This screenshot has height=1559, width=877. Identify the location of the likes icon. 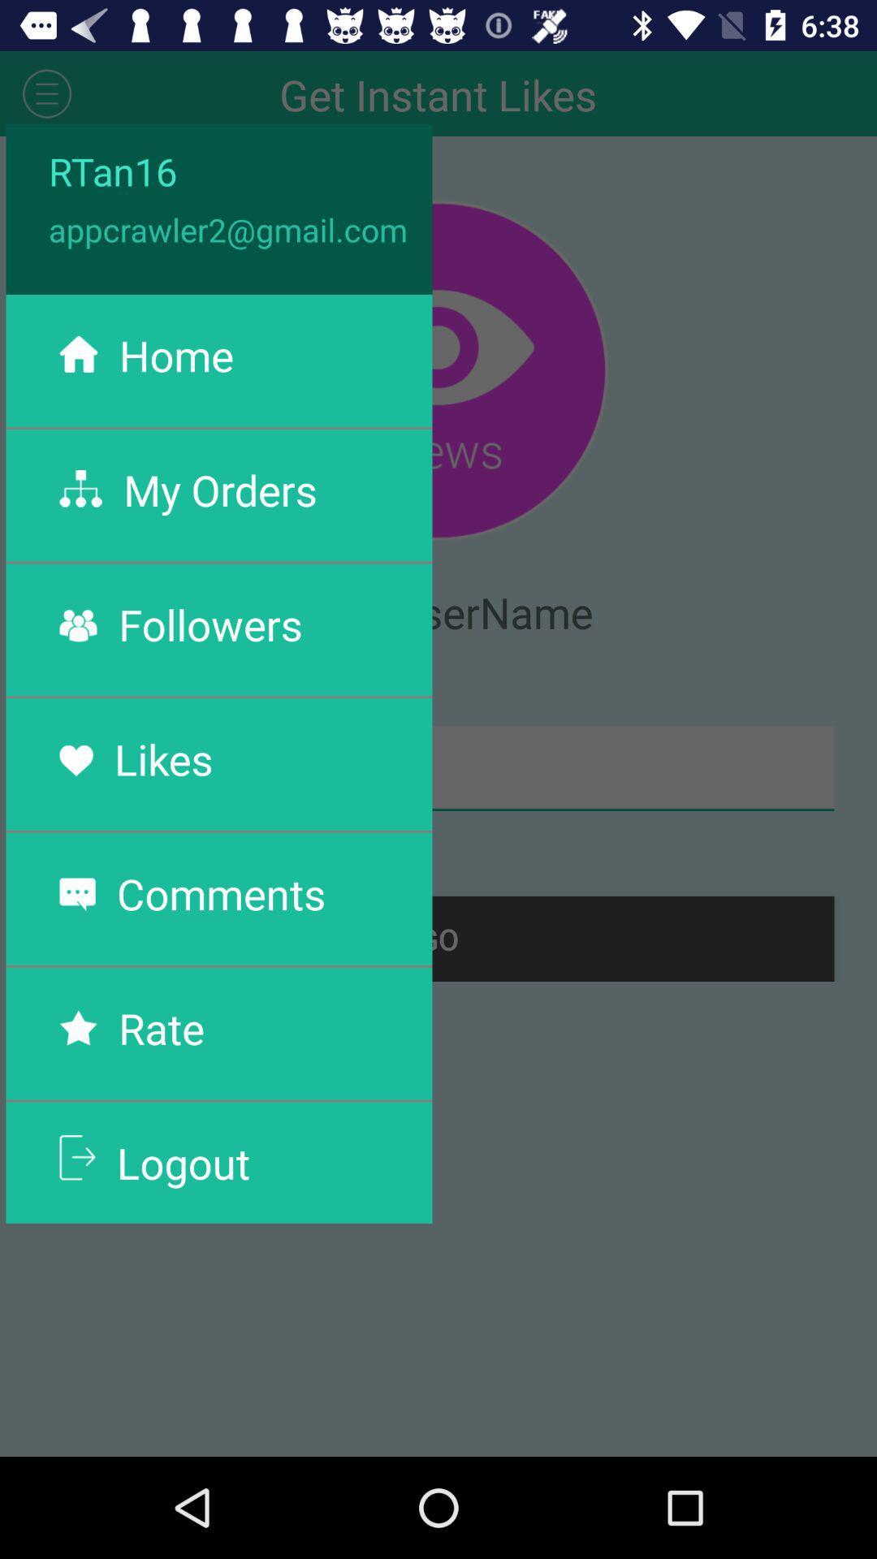
(163, 758).